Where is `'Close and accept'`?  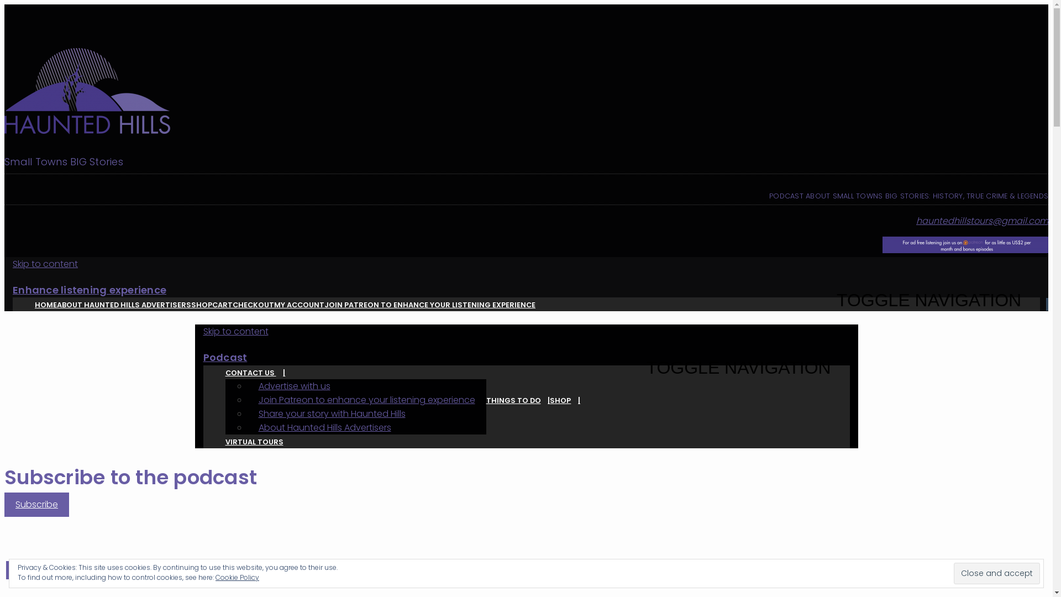 'Close and accept' is located at coordinates (997, 573).